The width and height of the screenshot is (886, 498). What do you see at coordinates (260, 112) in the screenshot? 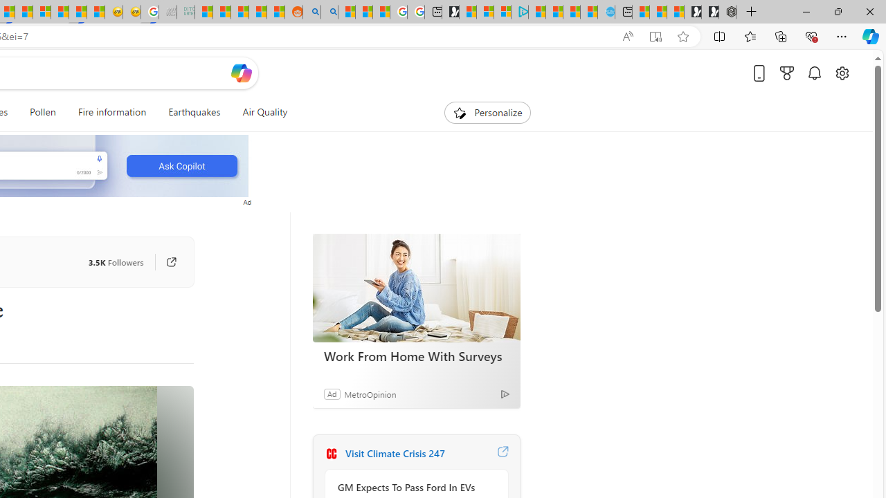
I see `'Air Quality'` at bounding box center [260, 112].